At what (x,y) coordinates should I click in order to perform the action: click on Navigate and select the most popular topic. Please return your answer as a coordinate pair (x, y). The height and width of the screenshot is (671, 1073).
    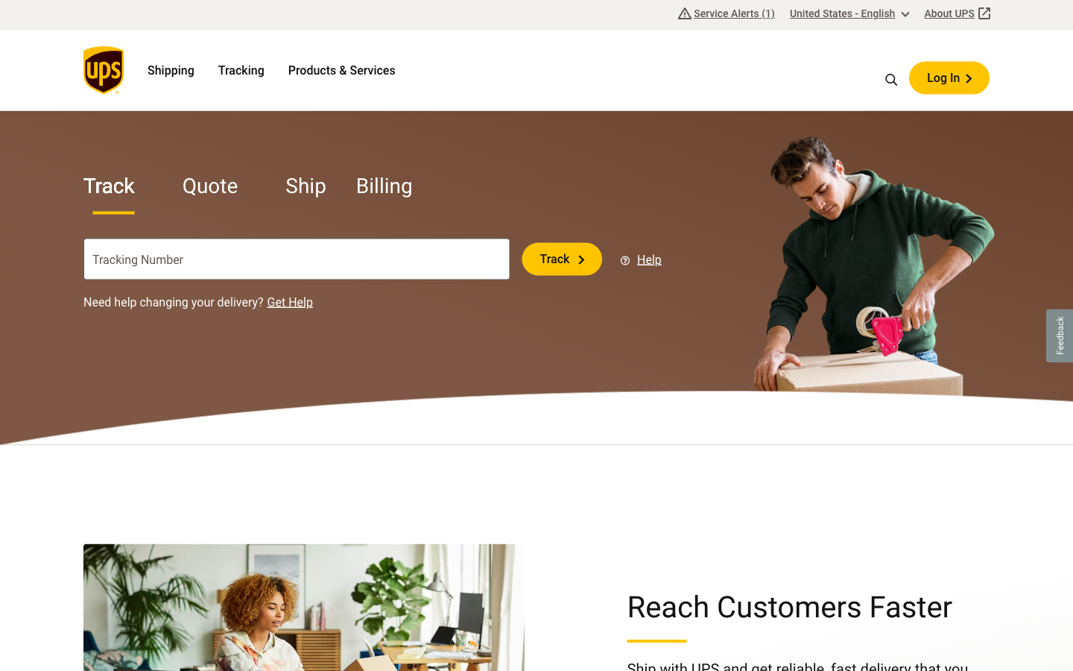
    Looking at the image, I should click on (892, 77).